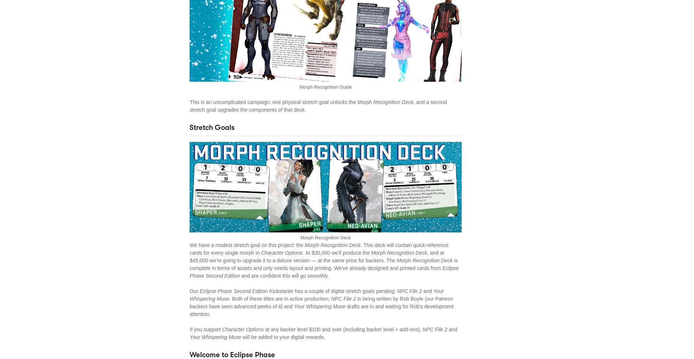  I want to click on 'Stretch Goals', so click(212, 127).